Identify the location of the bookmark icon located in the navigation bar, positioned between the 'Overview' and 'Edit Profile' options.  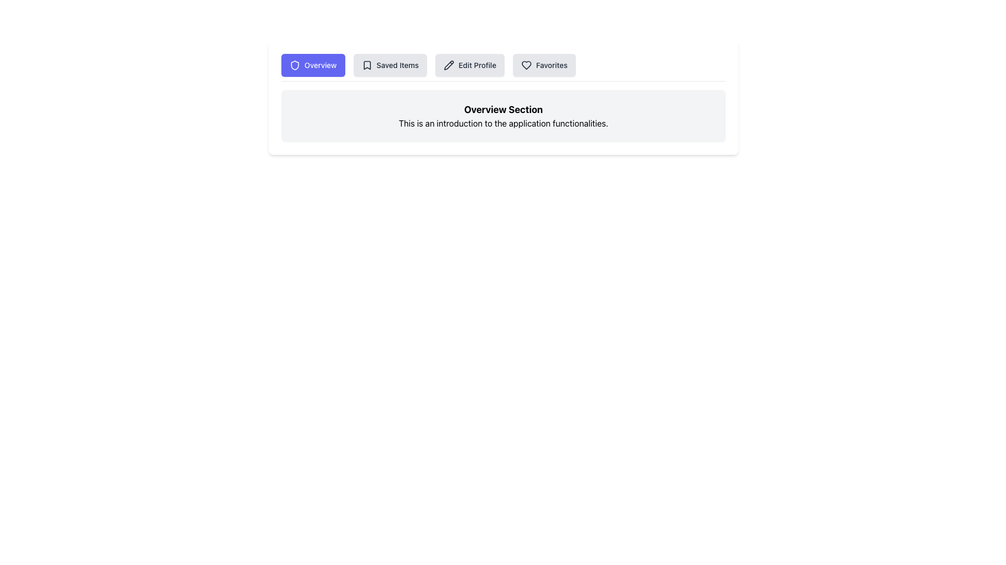
(367, 65).